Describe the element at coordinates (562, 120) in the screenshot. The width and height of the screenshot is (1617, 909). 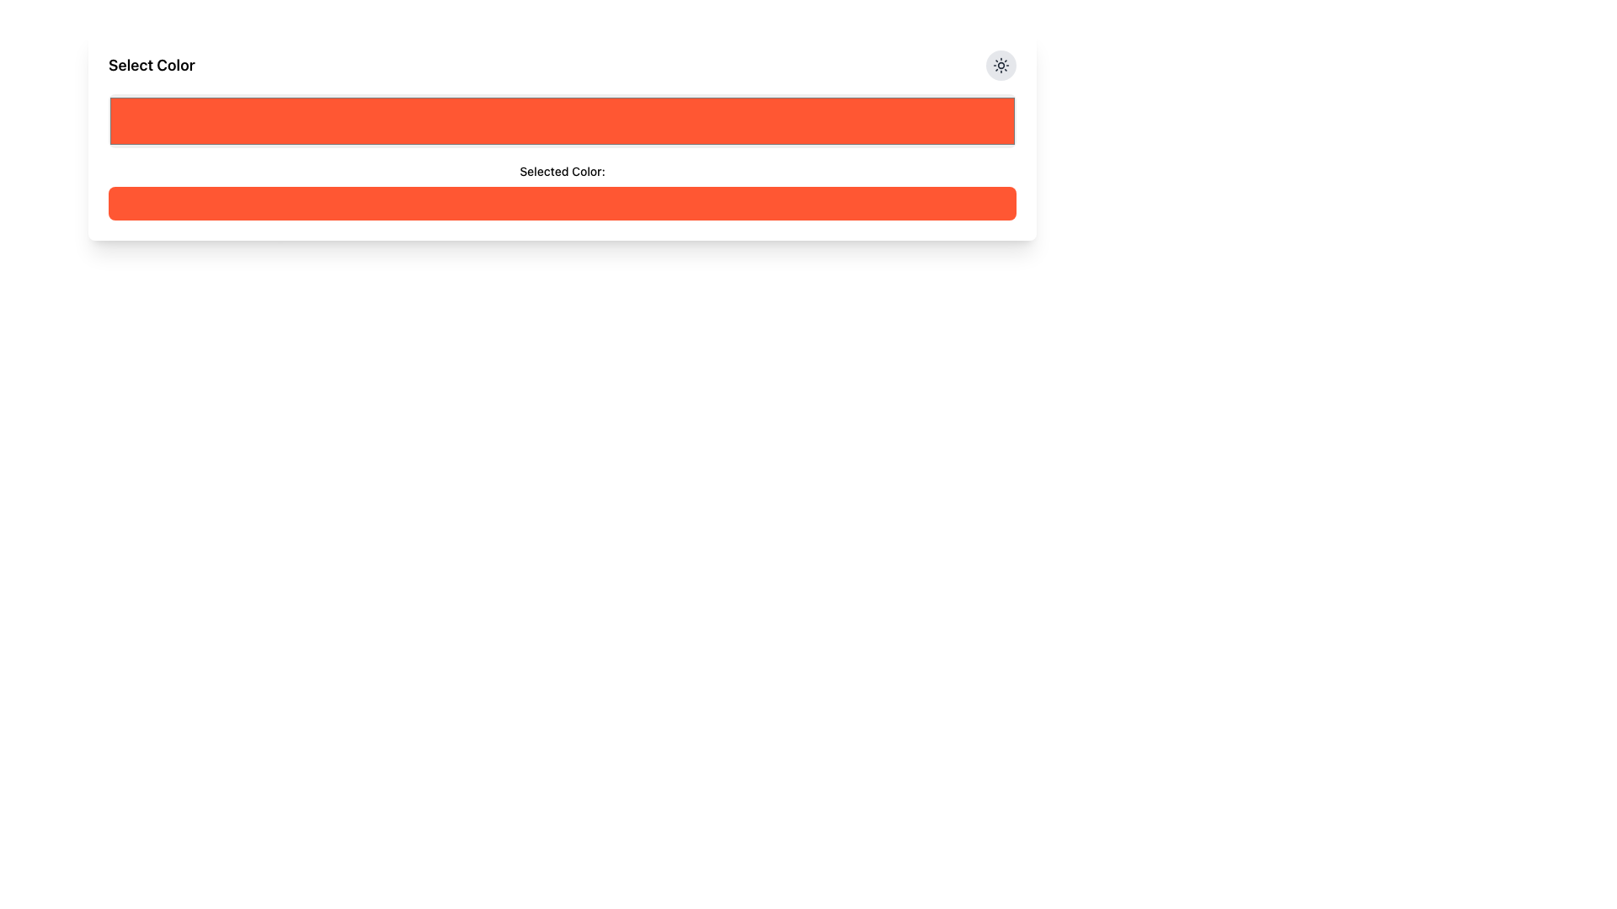
I see `the Color Input element, which allows users to select a color represented by an orange shade (#FF5733), using keyboard navigation` at that location.